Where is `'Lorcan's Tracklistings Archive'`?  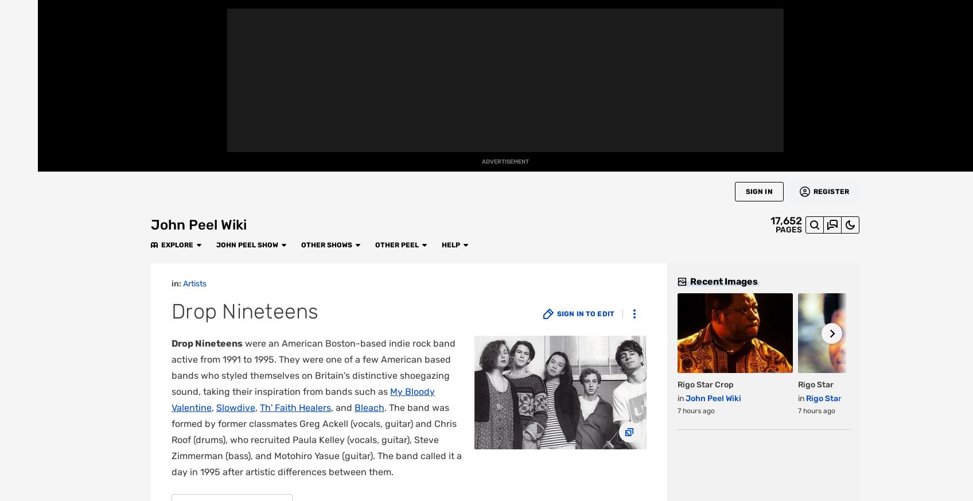
'Lorcan's Tracklistings Archive' is located at coordinates (542, 82).